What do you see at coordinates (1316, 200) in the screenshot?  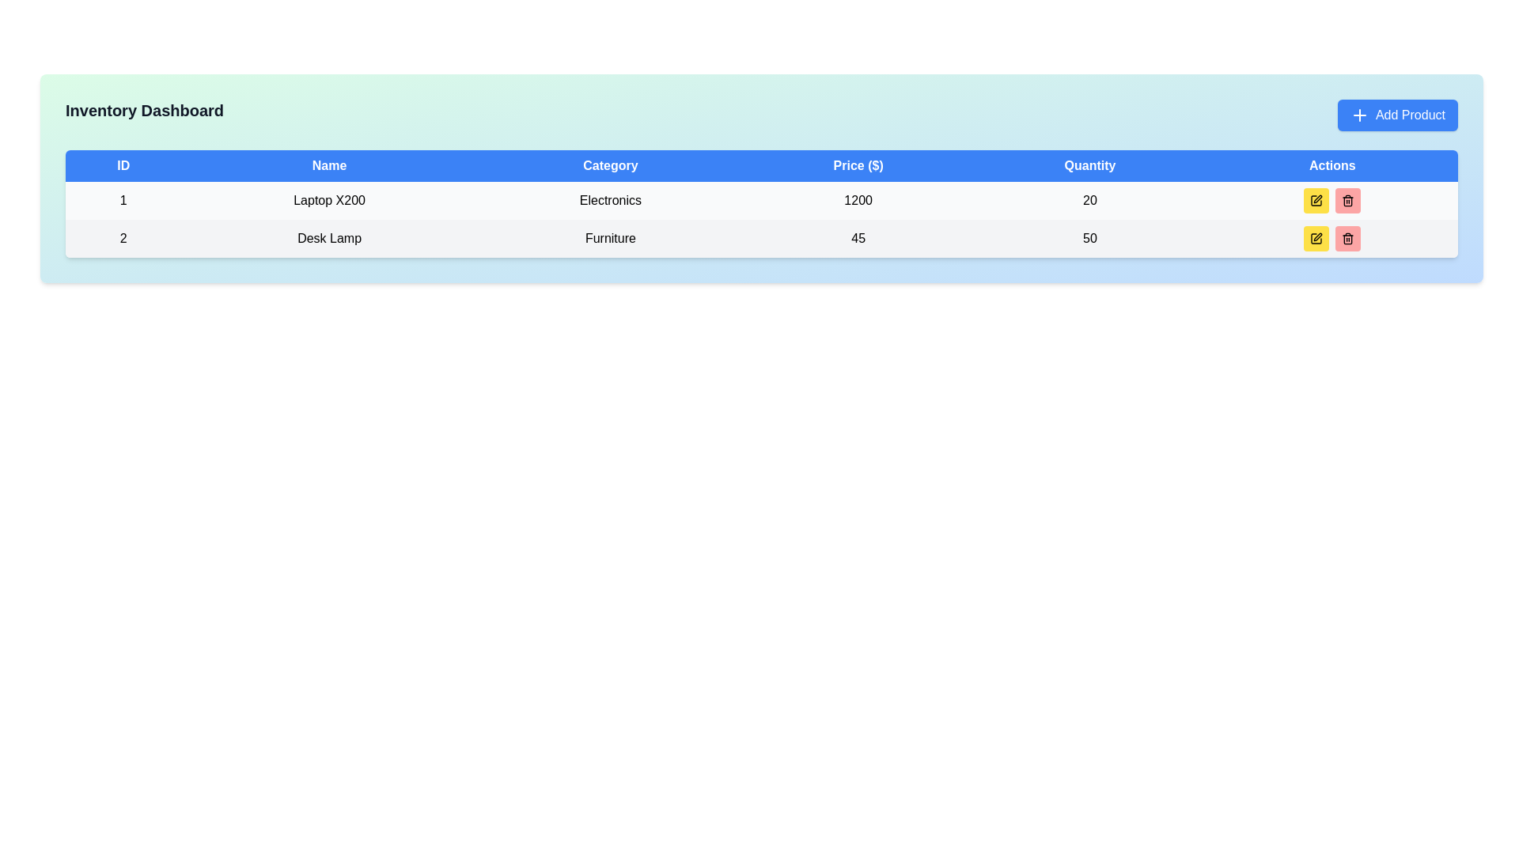 I see `the icon button resembling a pen or edit symbol` at bounding box center [1316, 200].